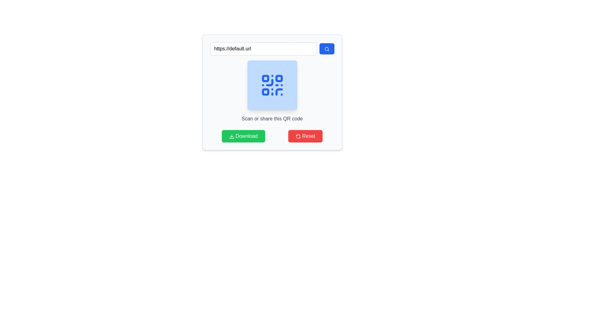  I want to click on the magnifying glass icon, which is part of a blue button positioned to the right of the input field, to initiate the search functionality, so click(326, 49).